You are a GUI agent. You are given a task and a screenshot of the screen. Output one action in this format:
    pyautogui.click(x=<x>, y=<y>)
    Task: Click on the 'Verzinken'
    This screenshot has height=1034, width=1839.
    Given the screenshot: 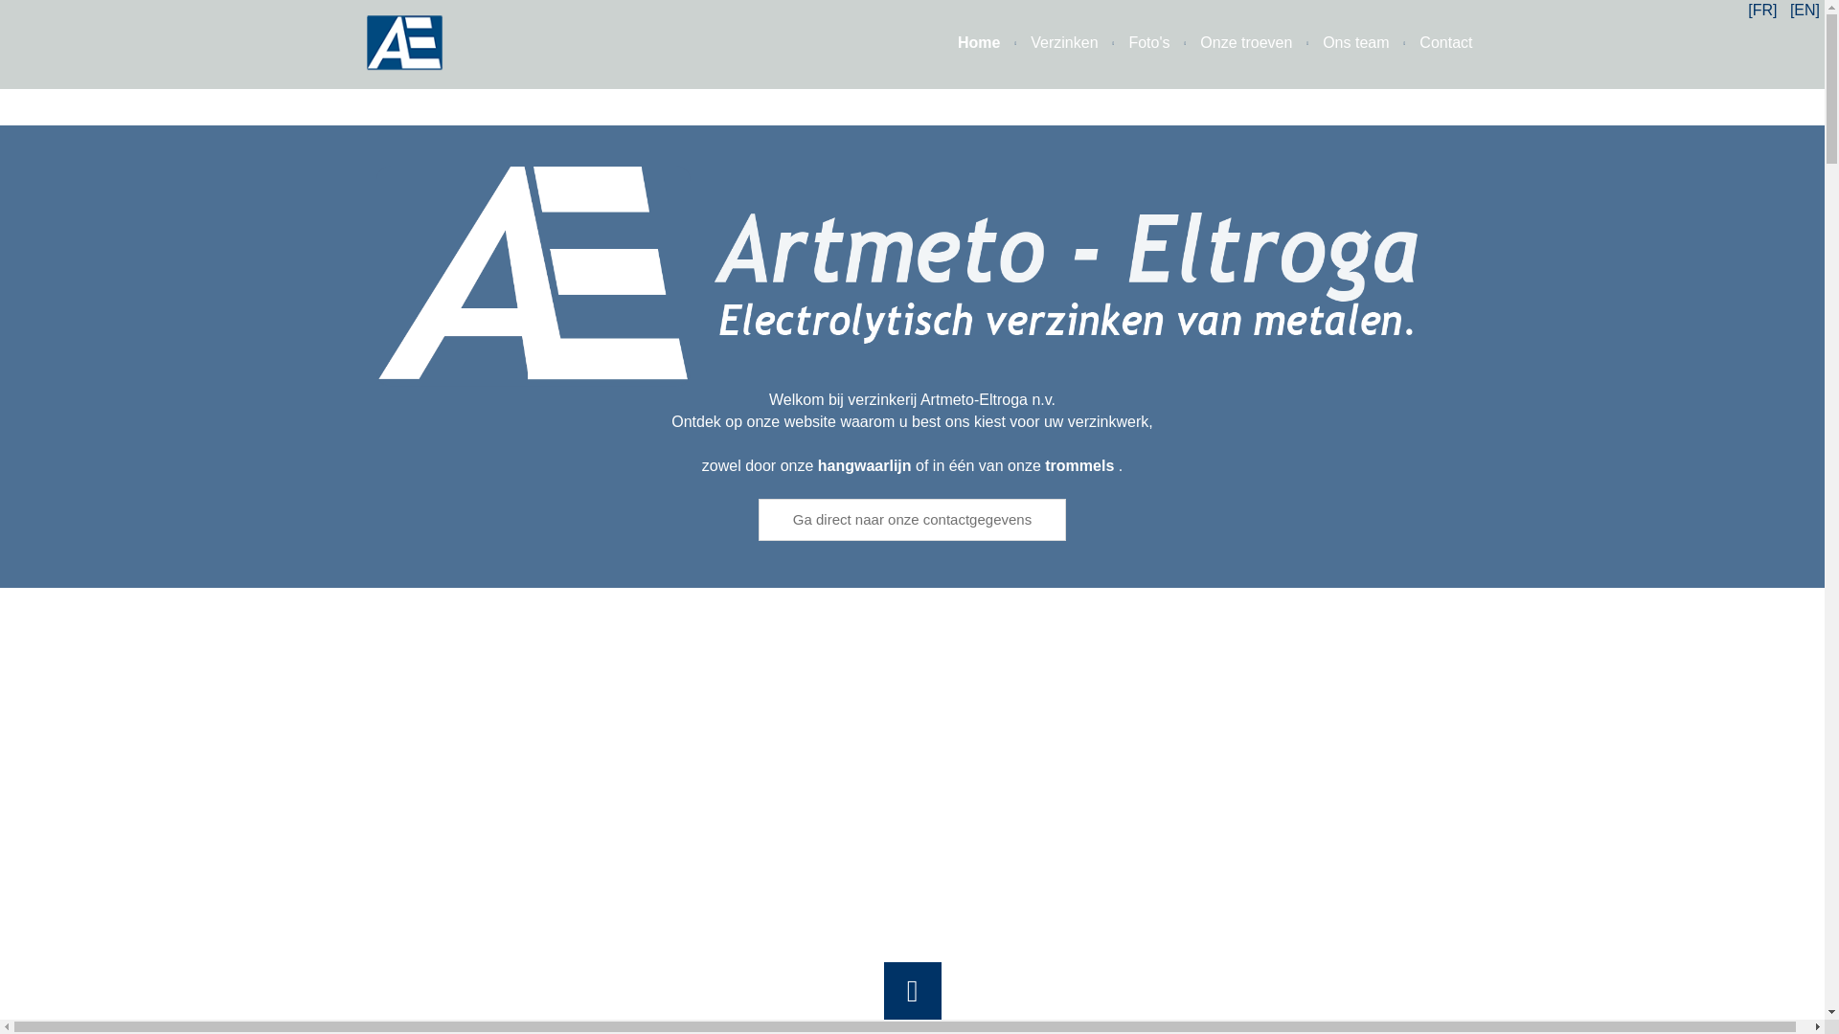 What is the action you would take?
    pyautogui.click(x=1047, y=43)
    